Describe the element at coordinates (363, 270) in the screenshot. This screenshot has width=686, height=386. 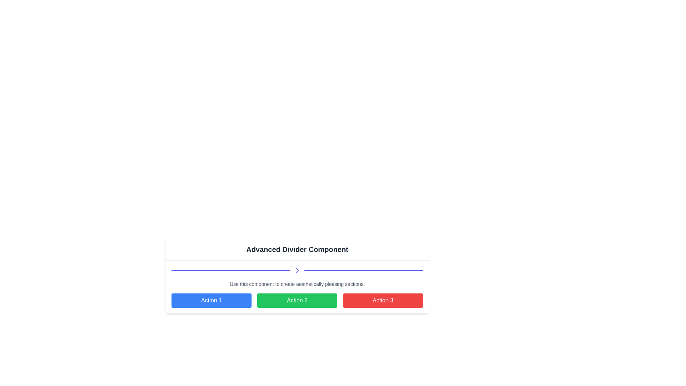
I see `the Divider line located under the header 'Advanced Divider Component', positioned to the right of a central arrow icon` at that location.